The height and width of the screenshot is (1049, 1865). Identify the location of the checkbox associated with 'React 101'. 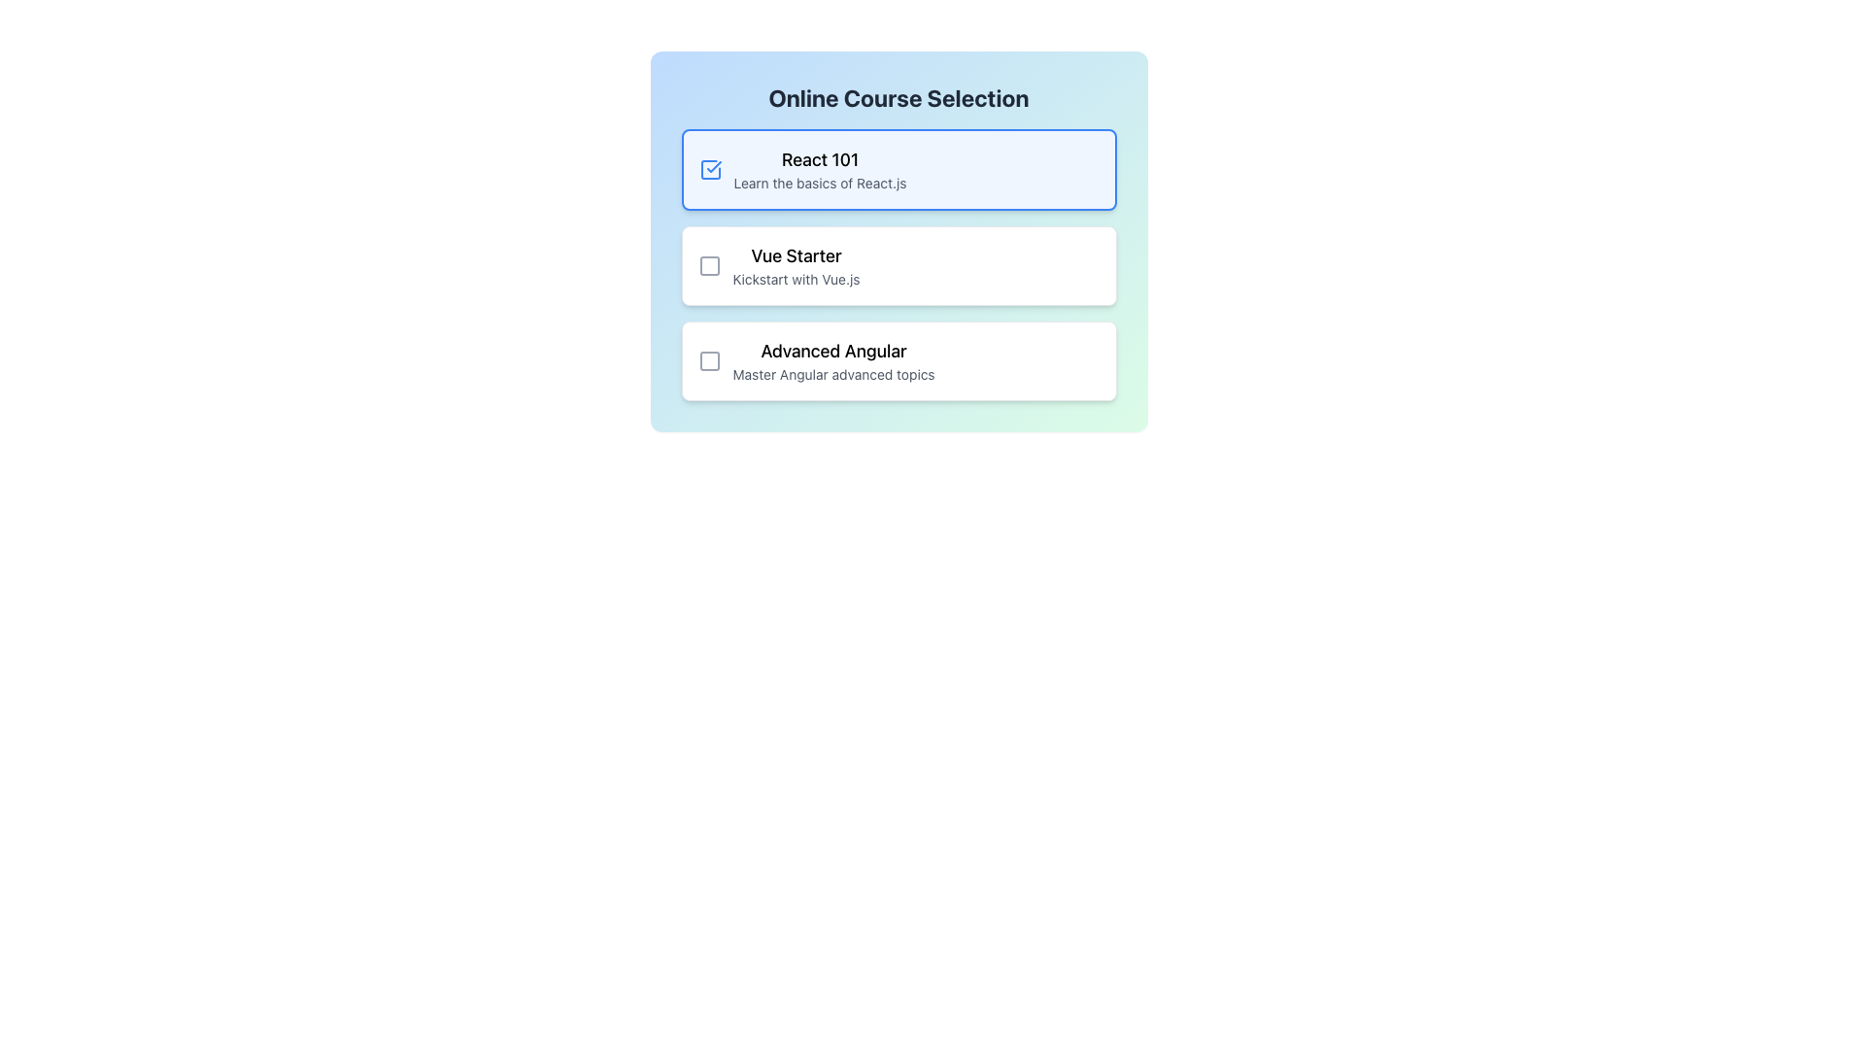
(709, 168).